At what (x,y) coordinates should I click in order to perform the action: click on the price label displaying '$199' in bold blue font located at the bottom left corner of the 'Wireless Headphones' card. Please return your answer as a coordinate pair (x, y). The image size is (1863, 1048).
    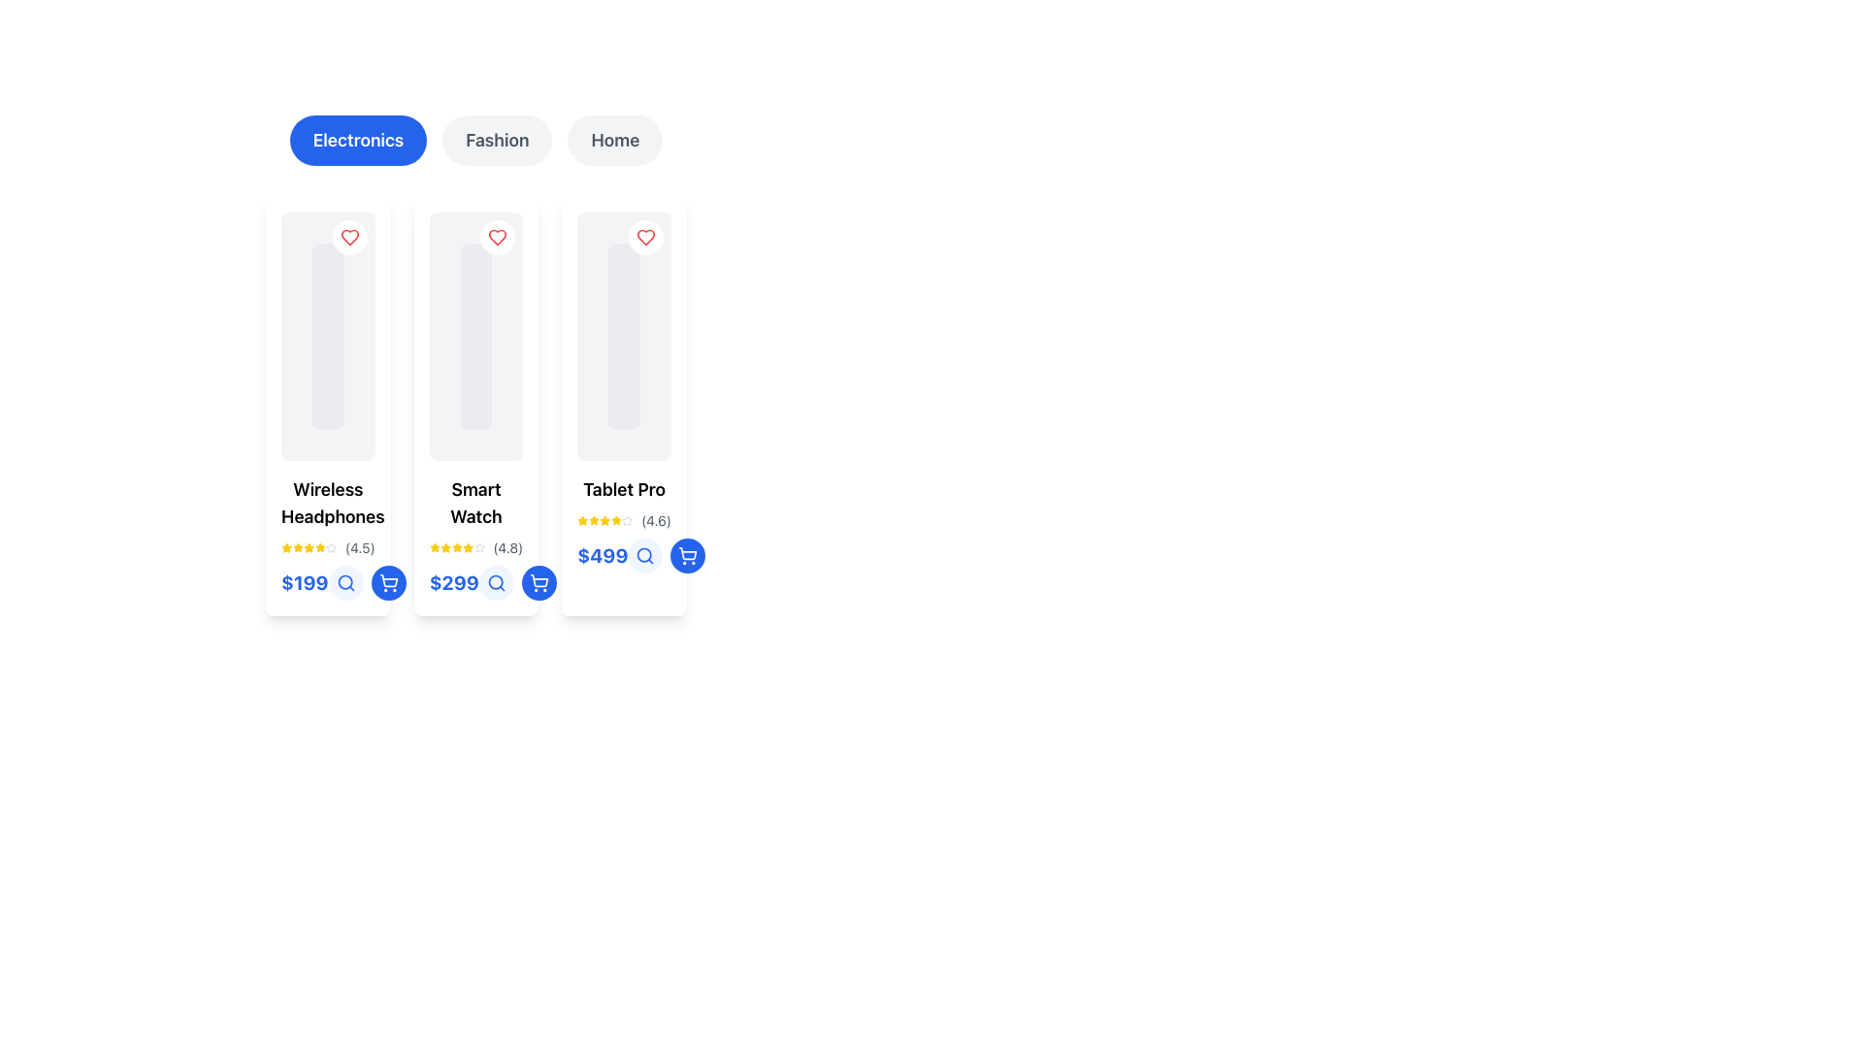
    Looking at the image, I should click on (328, 582).